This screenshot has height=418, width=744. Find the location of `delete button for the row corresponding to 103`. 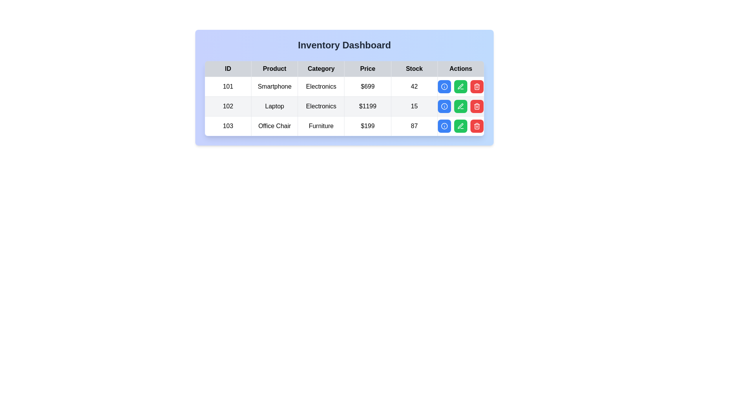

delete button for the row corresponding to 103 is located at coordinates (477, 126).